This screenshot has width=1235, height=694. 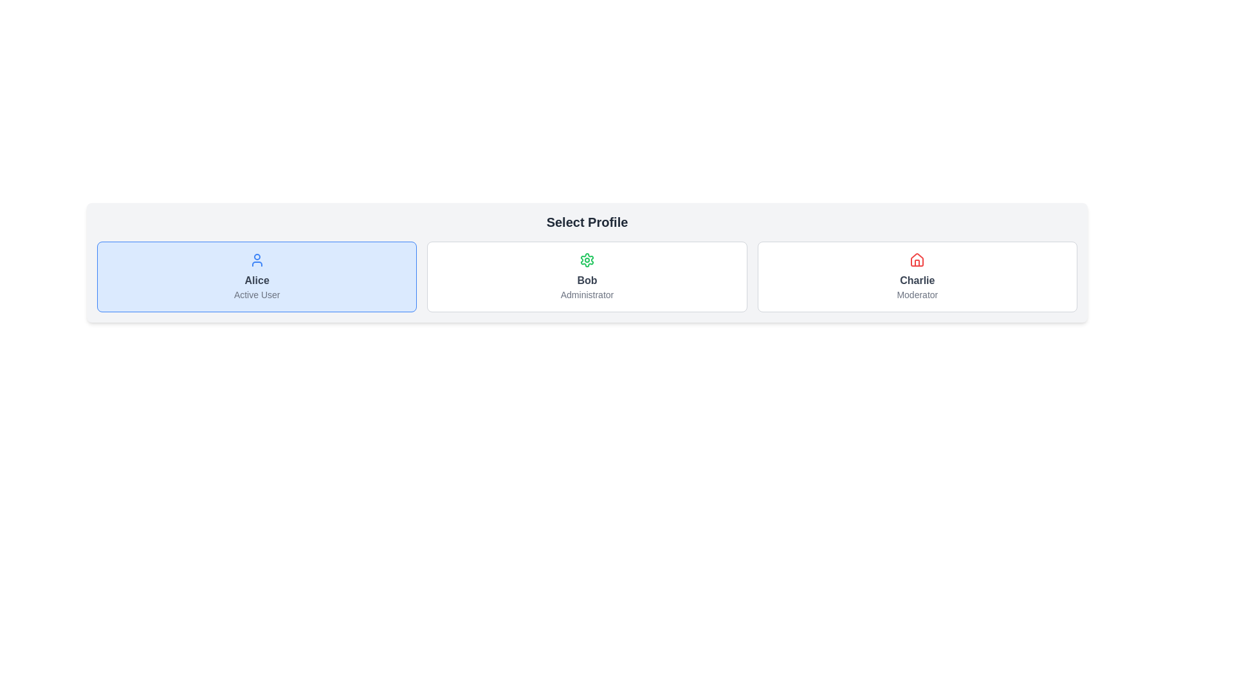 I want to click on the name label 'Bob' within the central profile card, located between the settings icon and the 'Administrator' label, so click(x=586, y=280).